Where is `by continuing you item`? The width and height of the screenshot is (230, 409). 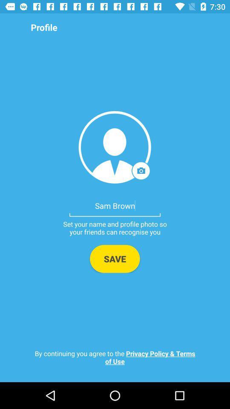 by continuing you item is located at coordinates (115, 357).